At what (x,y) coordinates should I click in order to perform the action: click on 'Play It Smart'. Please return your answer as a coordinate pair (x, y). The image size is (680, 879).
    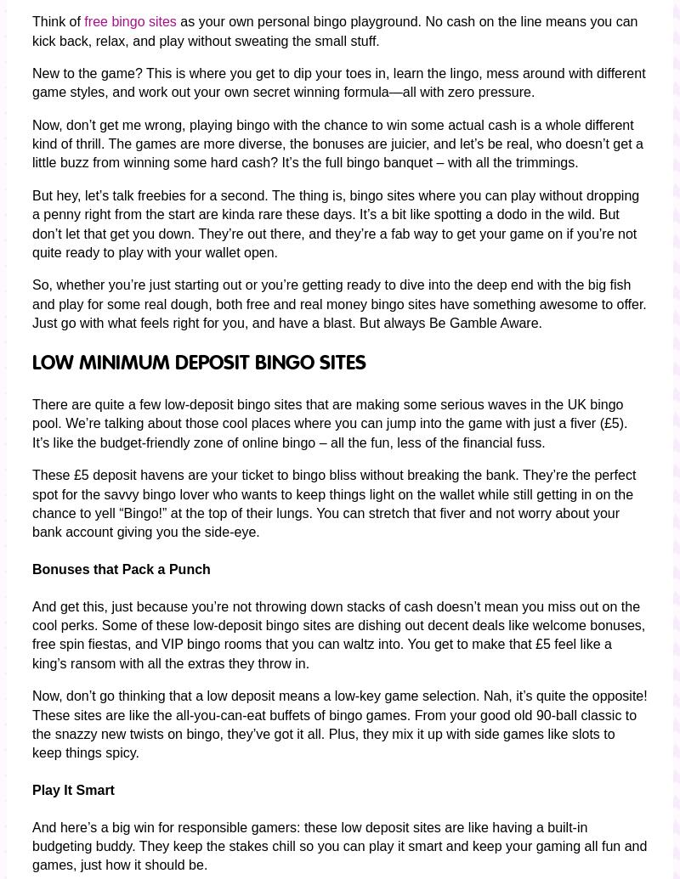
    Looking at the image, I should click on (73, 789).